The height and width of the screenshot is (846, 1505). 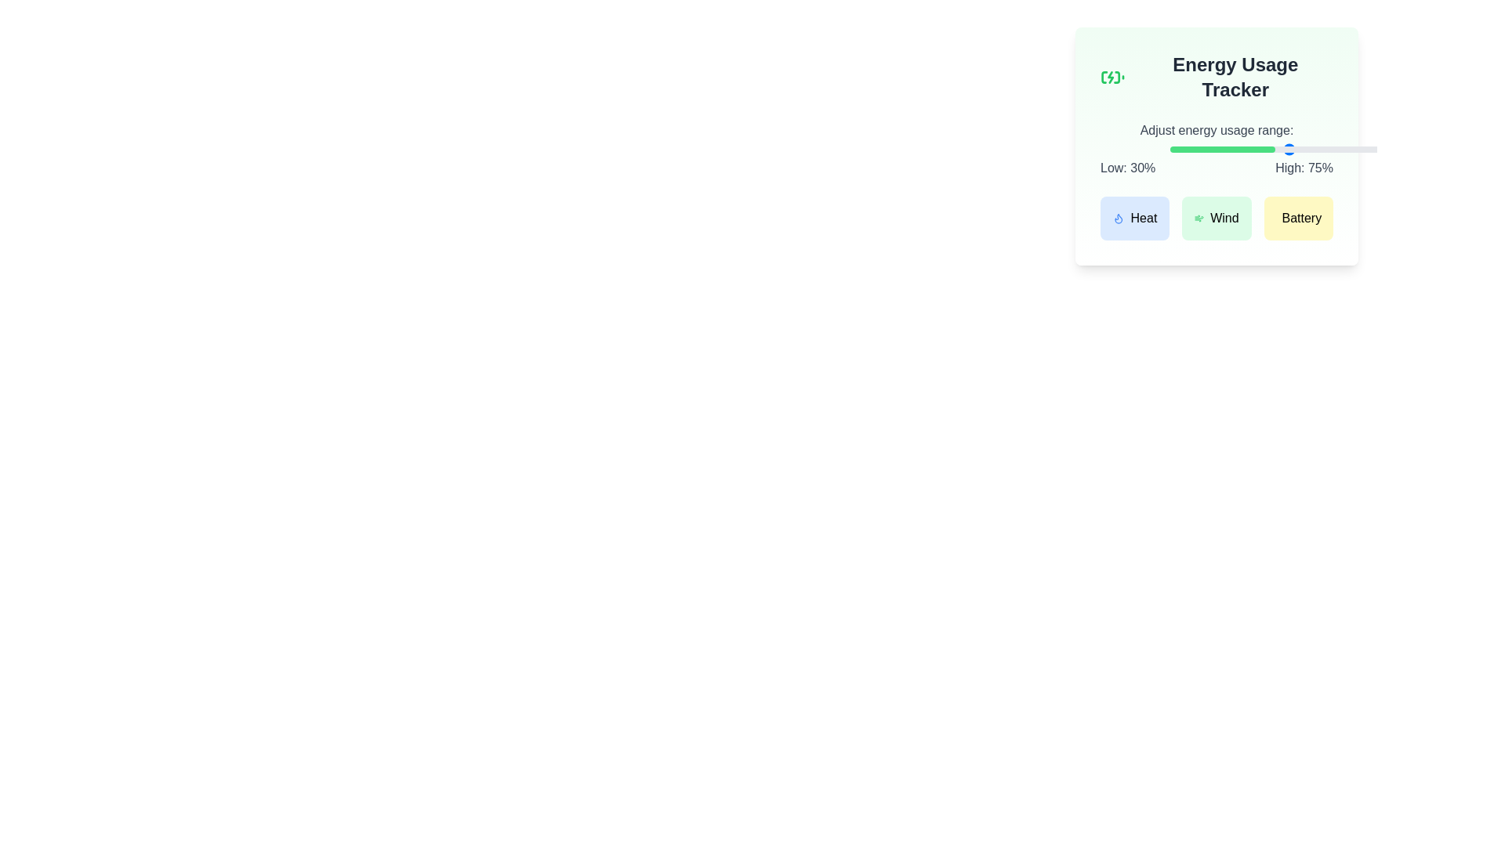 What do you see at coordinates (1304, 168) in the screenshot?
I see `the text label that indicates the high value of the adjustable energy usage range, which is positioned to the right of the 'Low: 30%' label and aligns with the green slider bar below the title 'Adjust energy usage range:'` at bounding box center [1304, 168].